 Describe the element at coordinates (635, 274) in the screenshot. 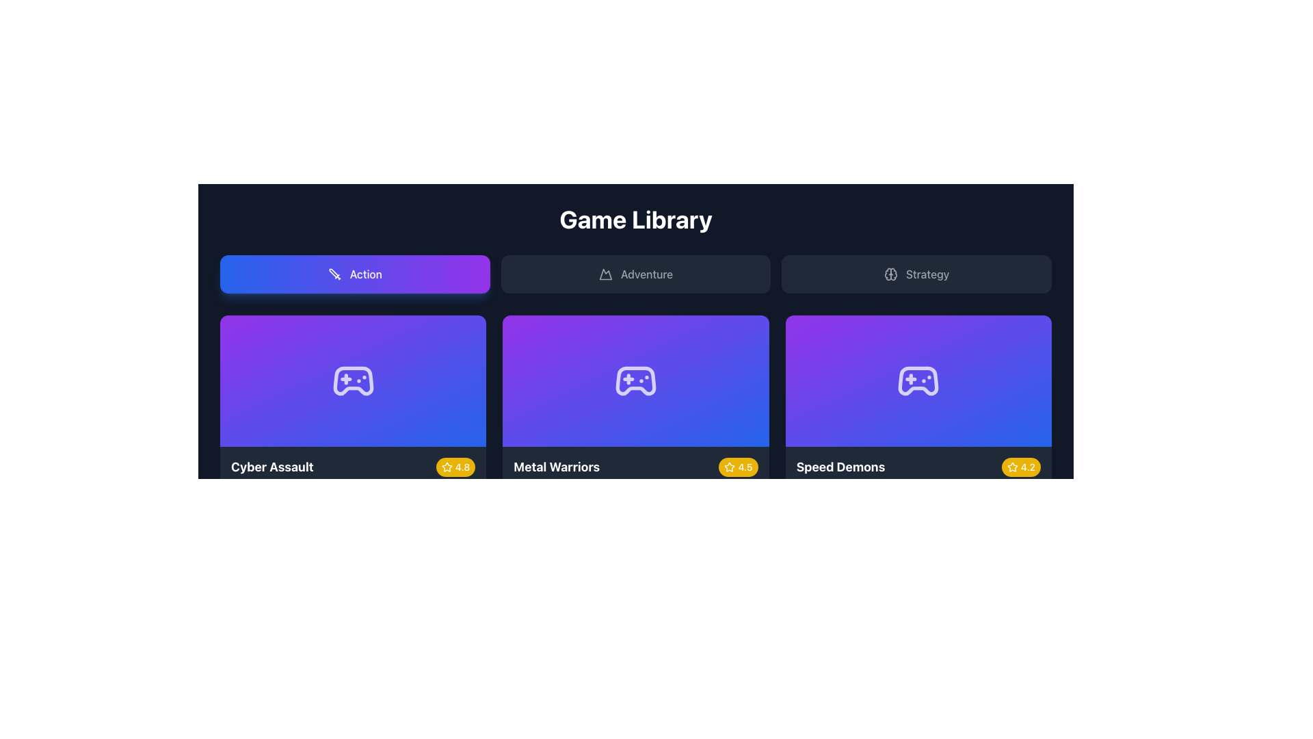

I see `the 'Adventure' button, which is a horizontally rectangular button with a mountain icon and dark gray background in the navigation bar` at that location.